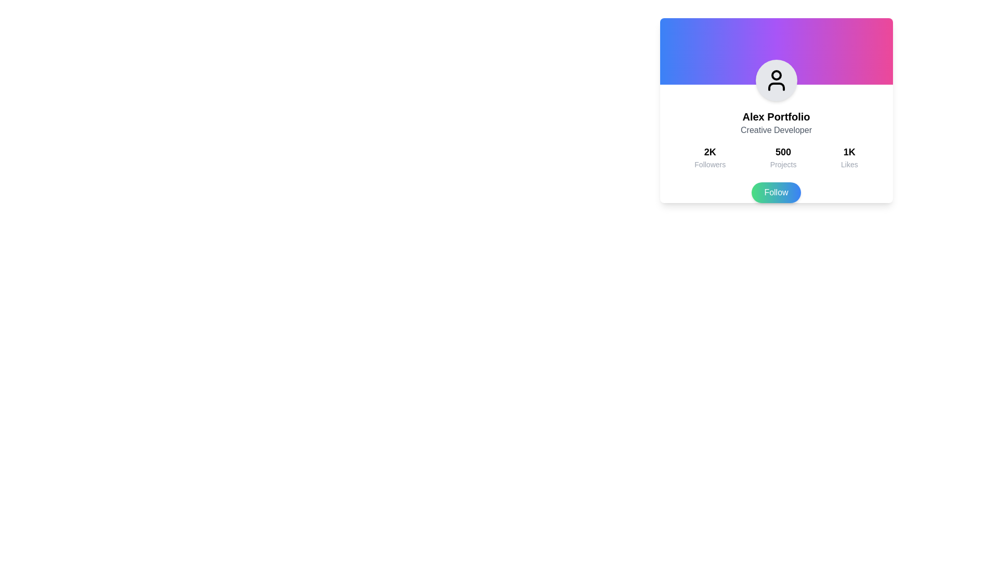 This screenshot has width=998, height=561. What do you see at coordinates (783, 164) in the screenshot?
I see `text label that describes the statistic of '500' projects, located below the number '500' and aligned between 'Followers' and 'Likes'` at bounding box center [783, 164].